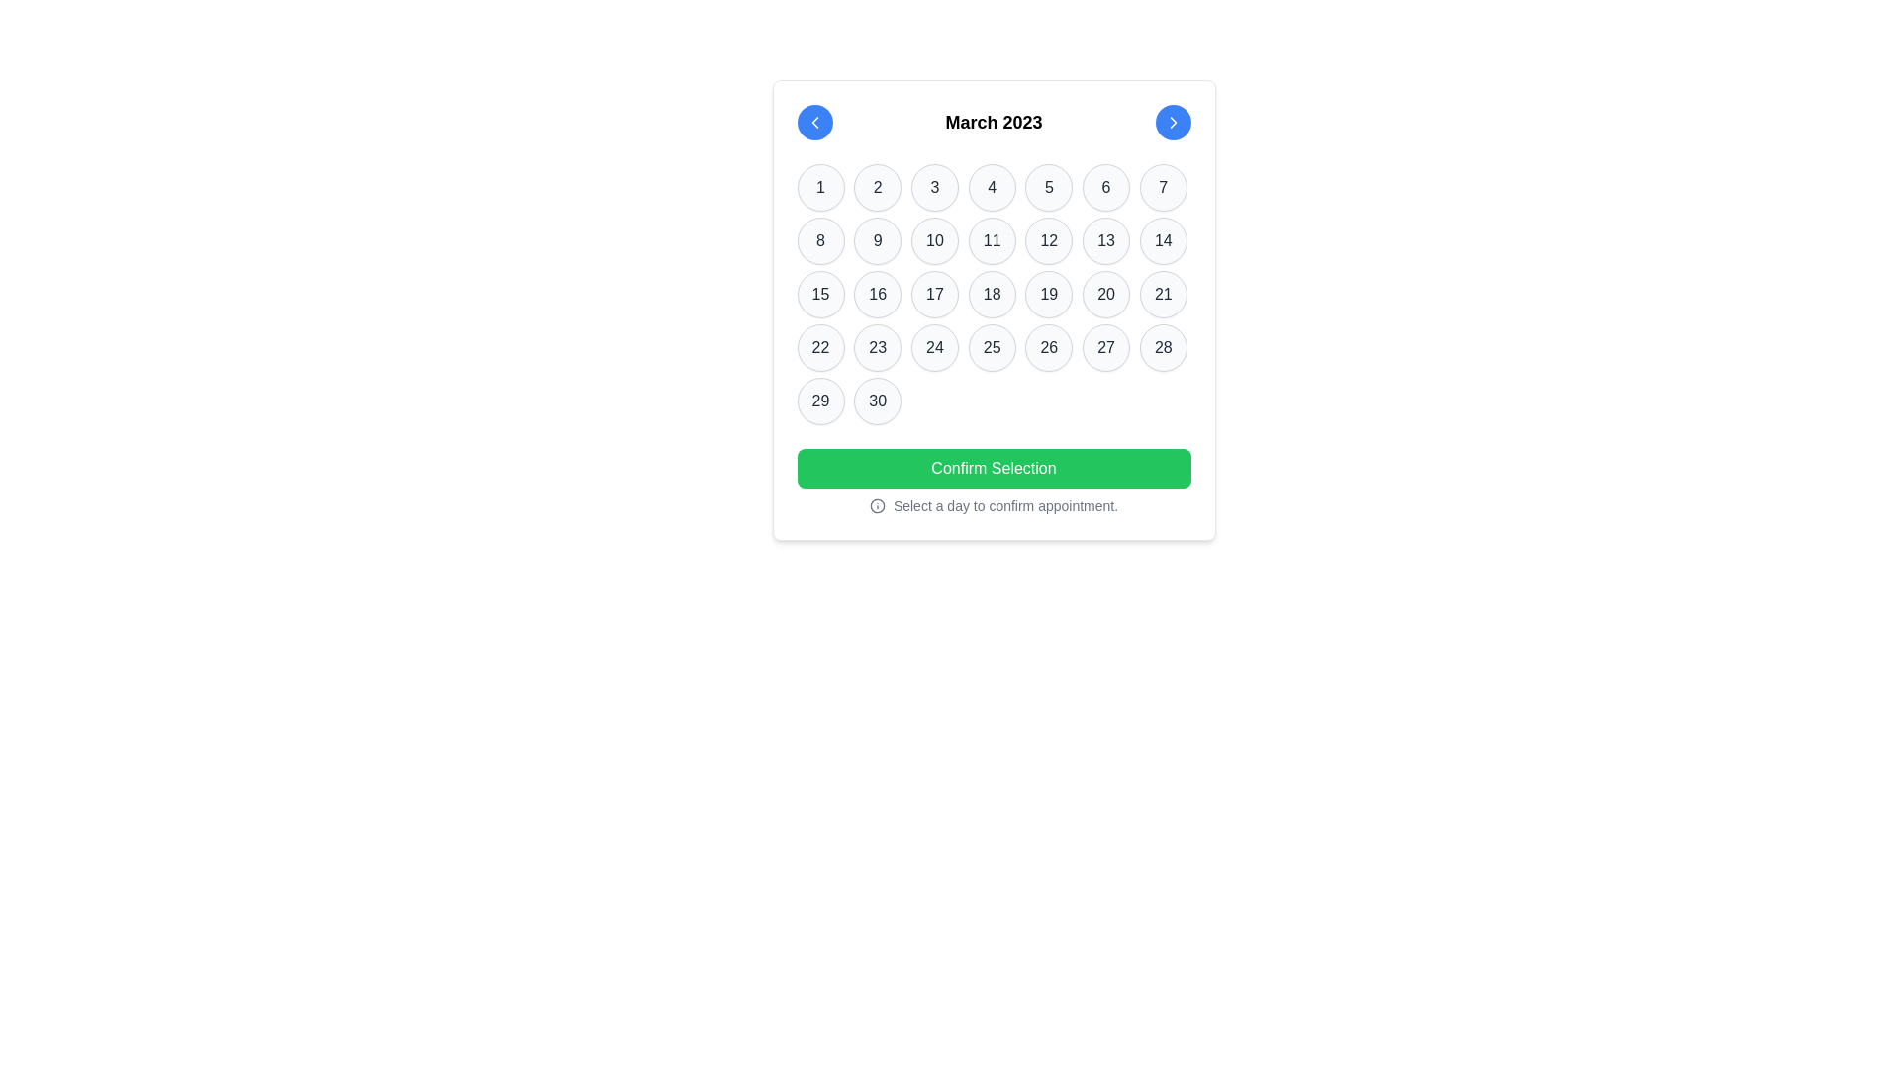 The image size is (1900, 1068). Describe the element at coordinates (814, 122) in the screenshot. I see `the left-pointing chevron symbol inside the circular blue button` at that location.